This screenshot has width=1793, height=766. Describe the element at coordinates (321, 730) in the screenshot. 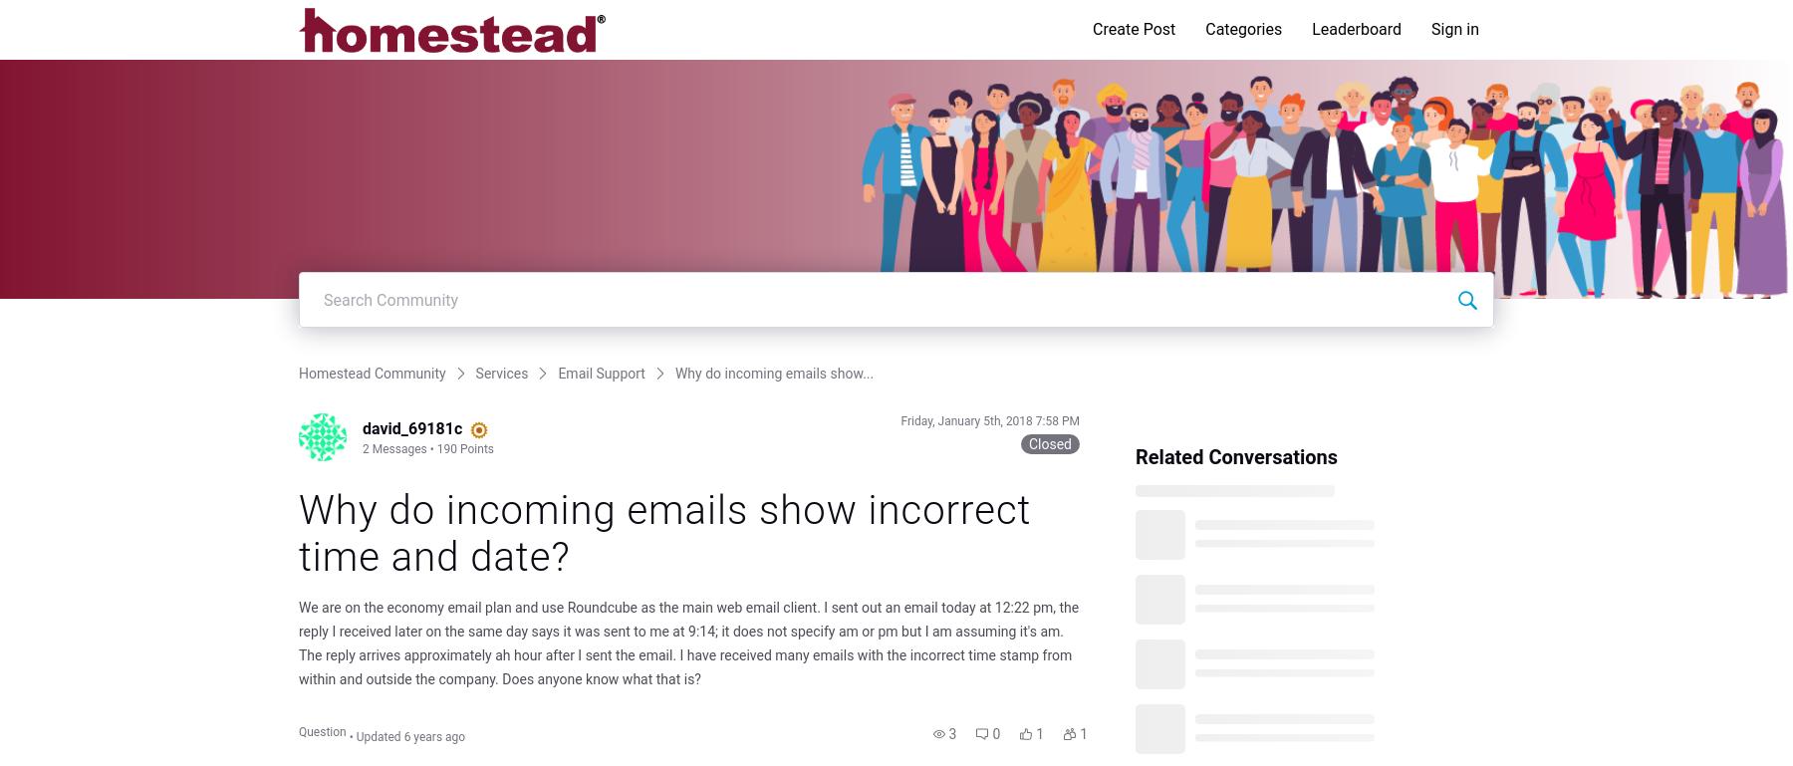

I see `'Question'` at that location.